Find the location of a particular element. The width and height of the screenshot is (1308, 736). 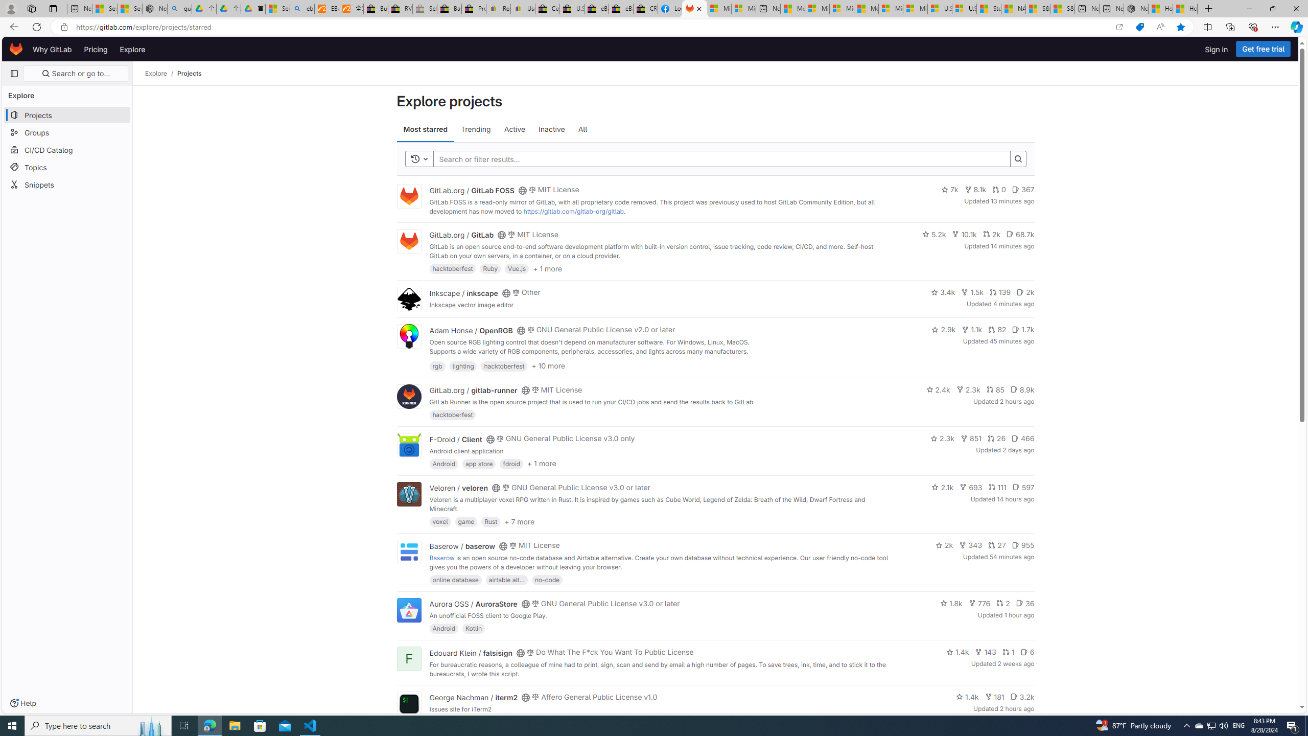

'Why GitLab' is located at coordinates (52, 49).